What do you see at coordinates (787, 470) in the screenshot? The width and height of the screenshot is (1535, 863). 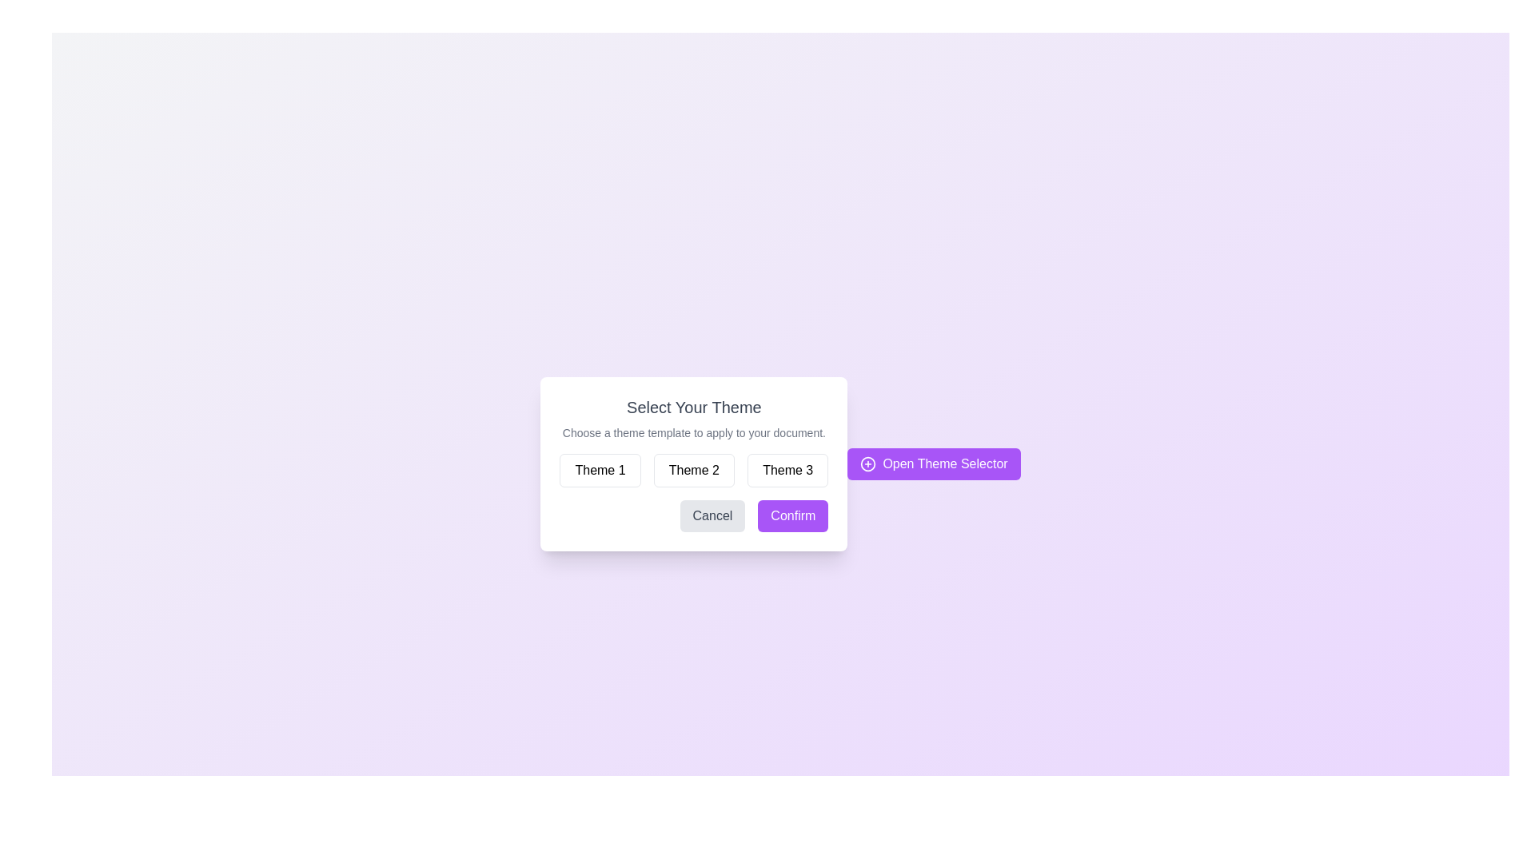 I see `the 'Theme 3' selectable button located in the bottom-right corner of the modal dialog box` at bounding box center [787, 470].